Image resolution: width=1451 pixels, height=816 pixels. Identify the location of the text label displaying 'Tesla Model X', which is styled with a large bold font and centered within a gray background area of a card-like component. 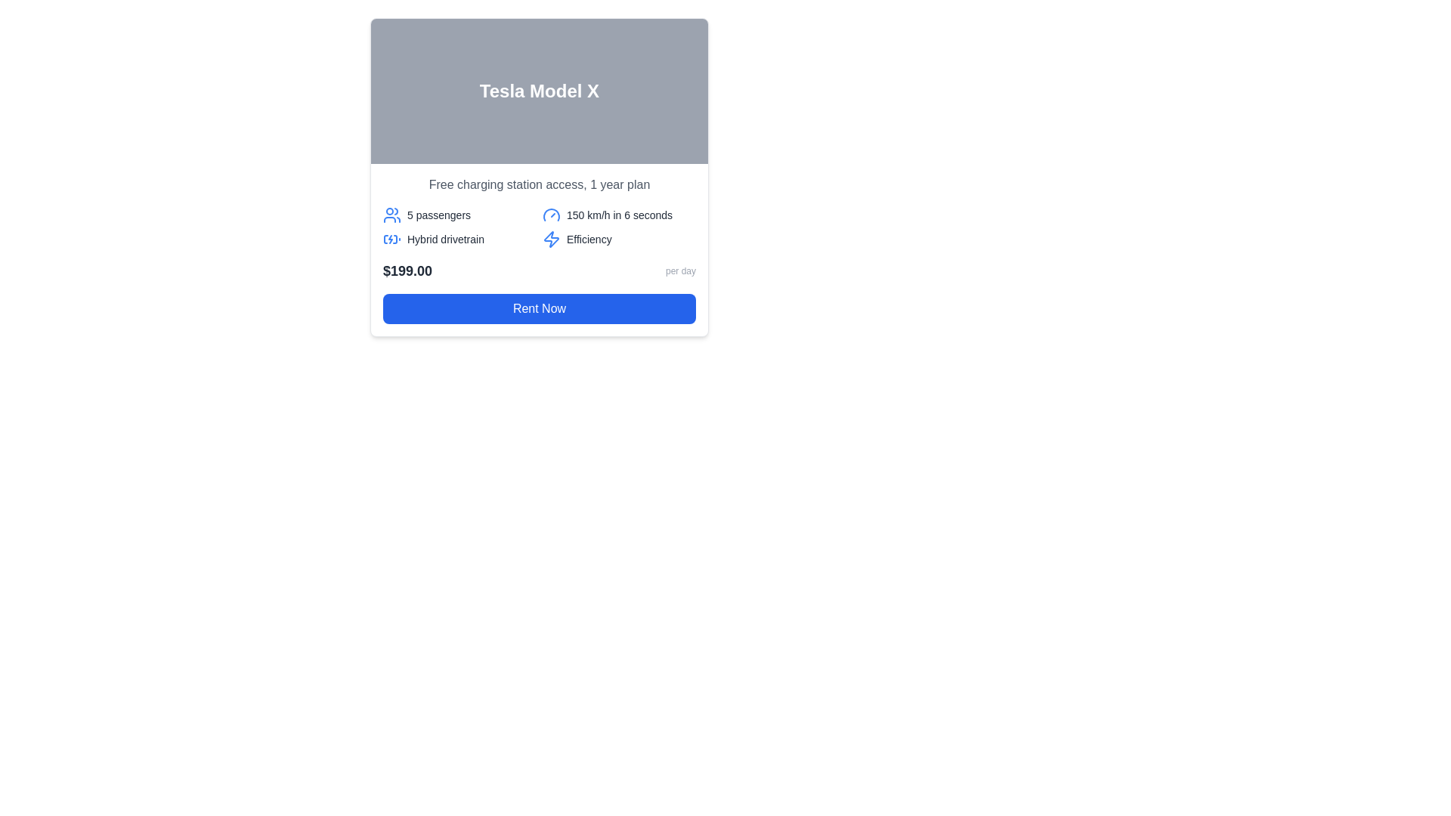
(540, 91).